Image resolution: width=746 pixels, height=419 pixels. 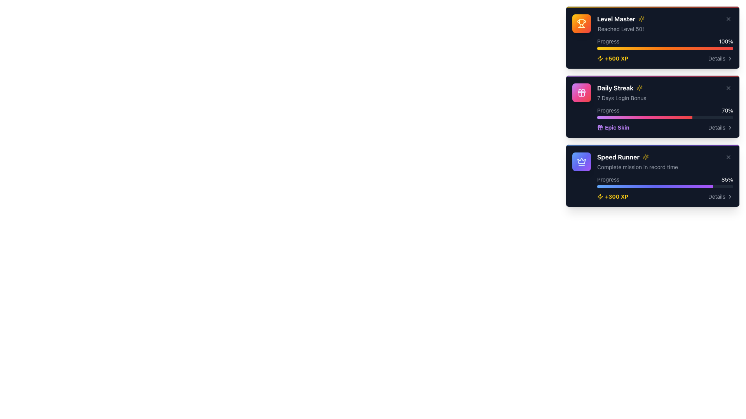 What do you see at coordinates (728, 19) in the screenshot?
I see `the close icon button (an 'X' symbol) located at the top-right corner of the 'Level Master' card` at bounding box center [728, 19].